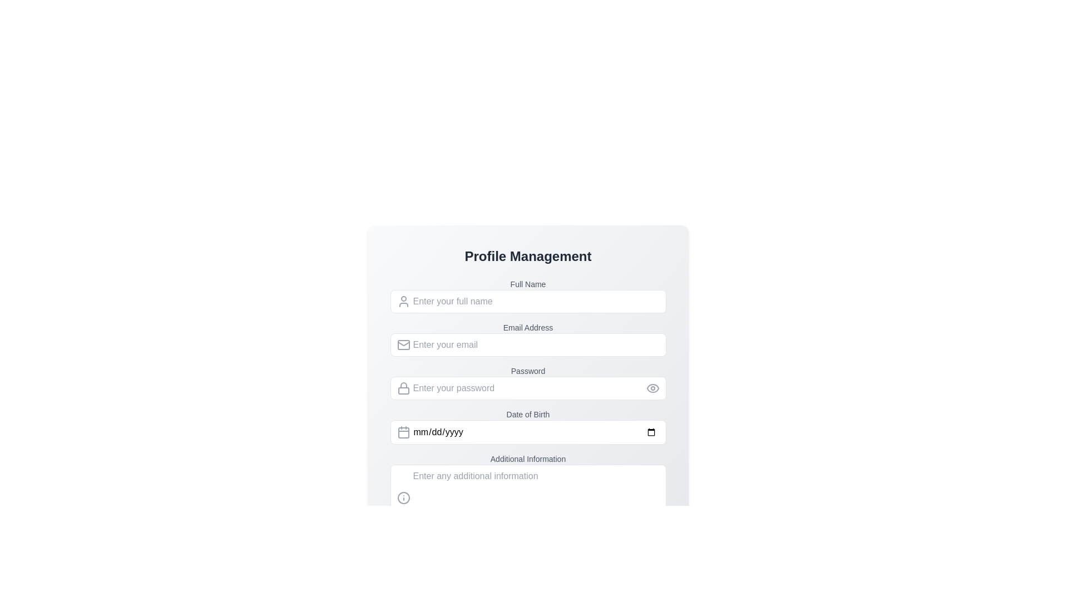  What do you see at coordinates (403, 344) in the screenshot?
I see `the mail icon, which is an envelope outline located inside the email input field labeled 'Email Address'` at bounding box center [403, 344].